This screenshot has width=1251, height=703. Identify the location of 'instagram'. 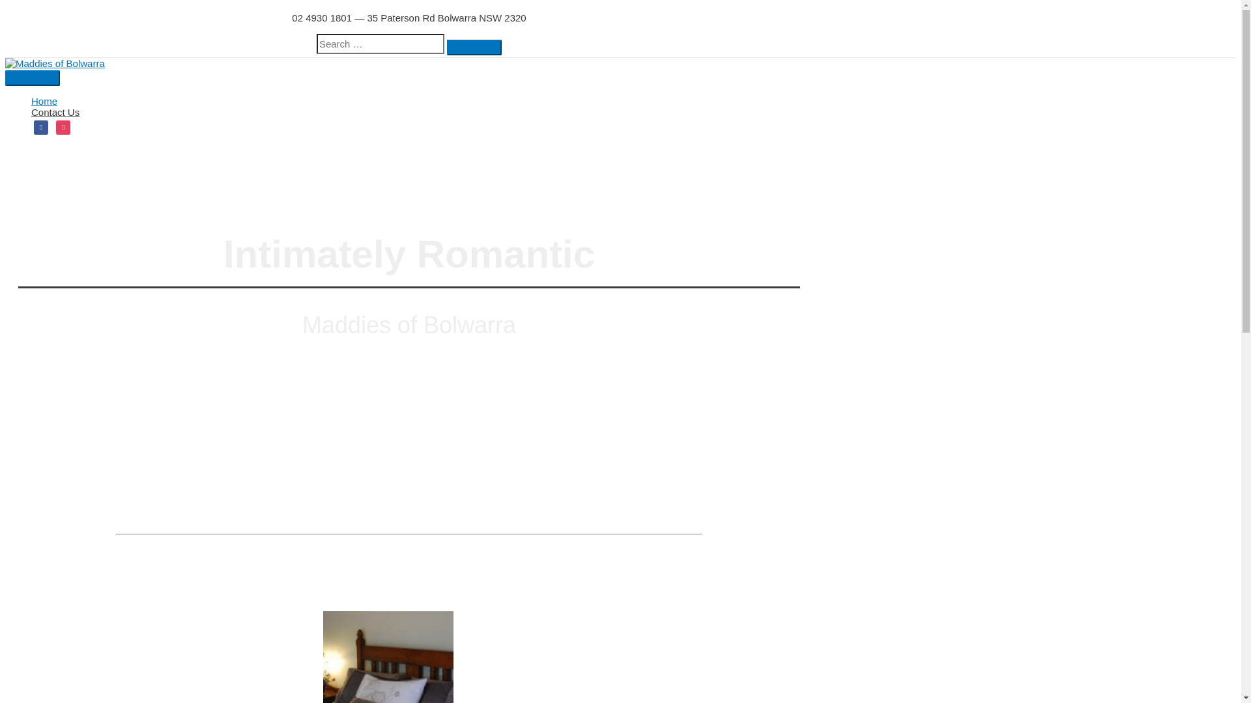
(62, 126).